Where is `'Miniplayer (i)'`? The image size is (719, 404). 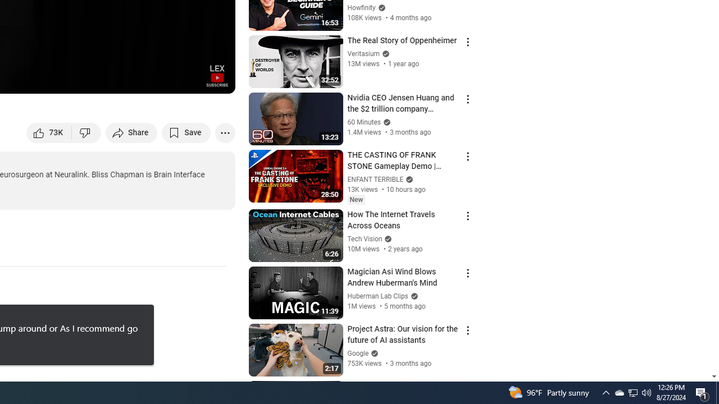 'Miniplayer (i)' is located at coordinates (160, 79).